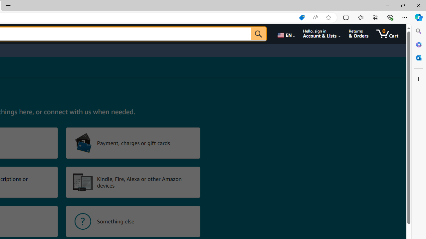 The width and height of the screenshot is (426, 239). What do you see at coordinates (133, 182) in the screenshot?
I see `'Kindle, Fire, Alexa or other Amazon devices'` at bounding box center [133, 182].